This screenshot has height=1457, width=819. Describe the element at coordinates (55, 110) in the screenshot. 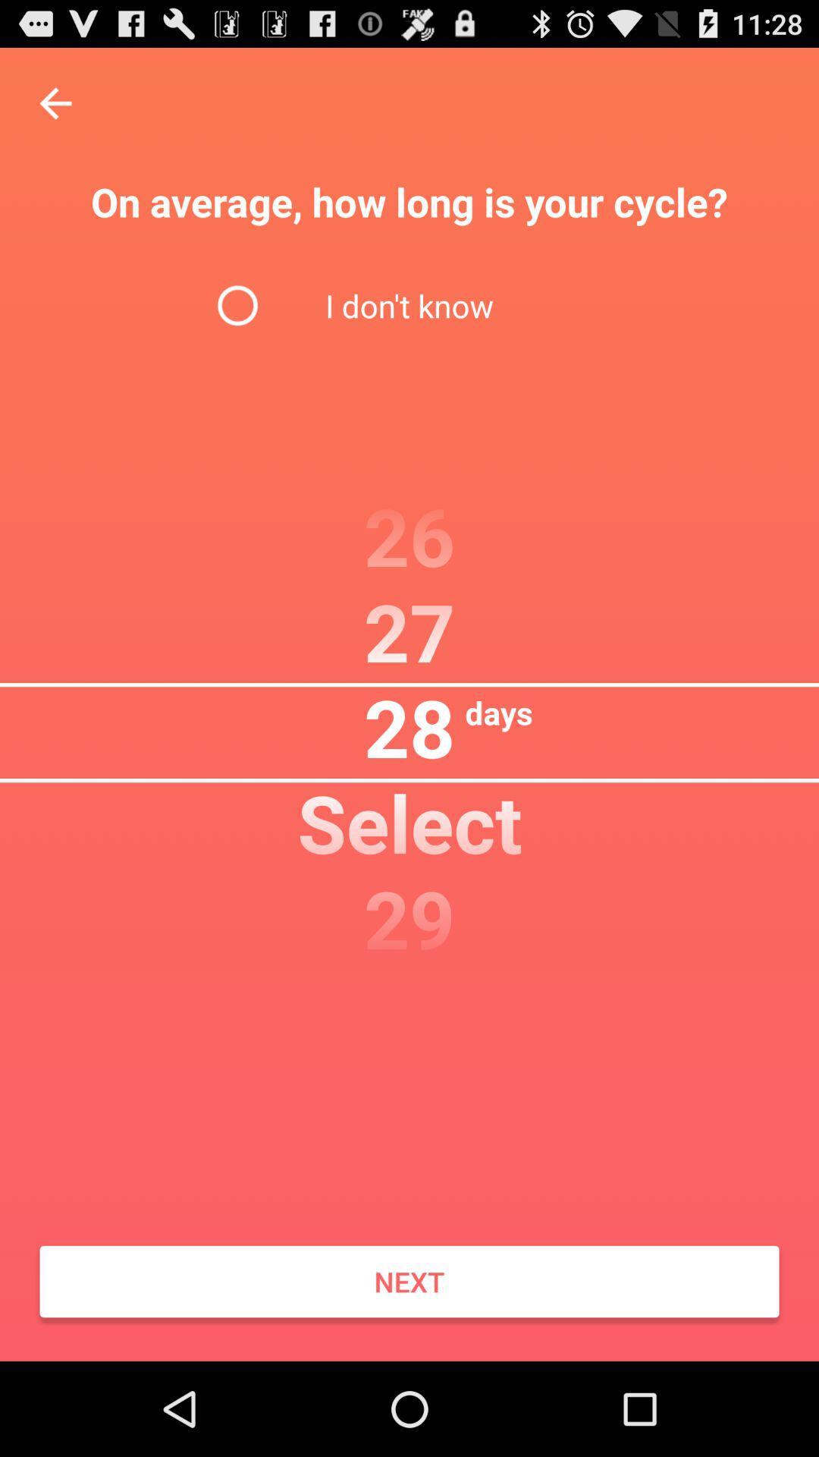

I see `the arrow_backward icon` at that location.